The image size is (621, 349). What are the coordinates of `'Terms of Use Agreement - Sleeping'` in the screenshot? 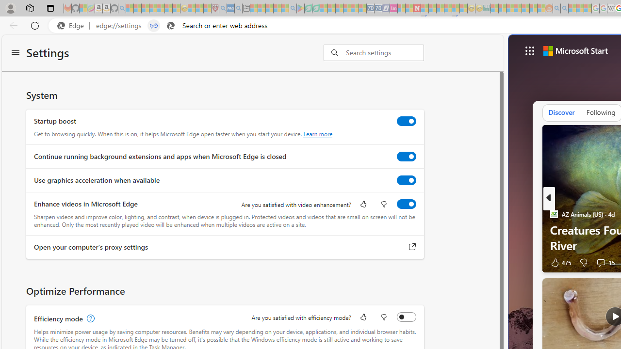 It's located at (308, 8).